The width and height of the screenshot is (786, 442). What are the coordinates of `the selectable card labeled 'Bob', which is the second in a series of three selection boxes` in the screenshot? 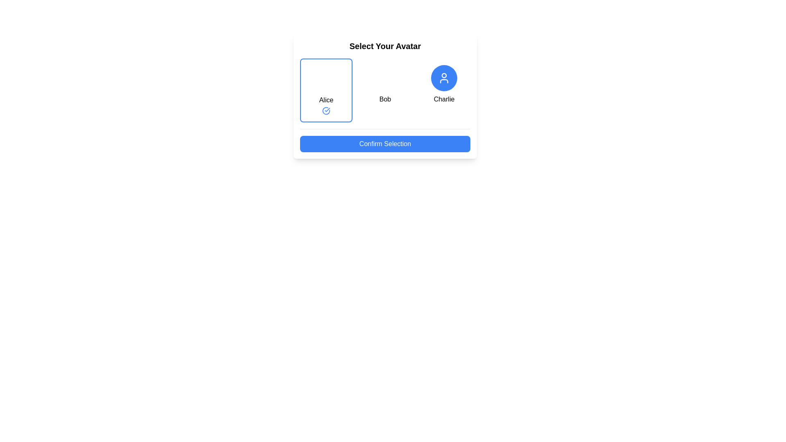 It's located at (384, 90).